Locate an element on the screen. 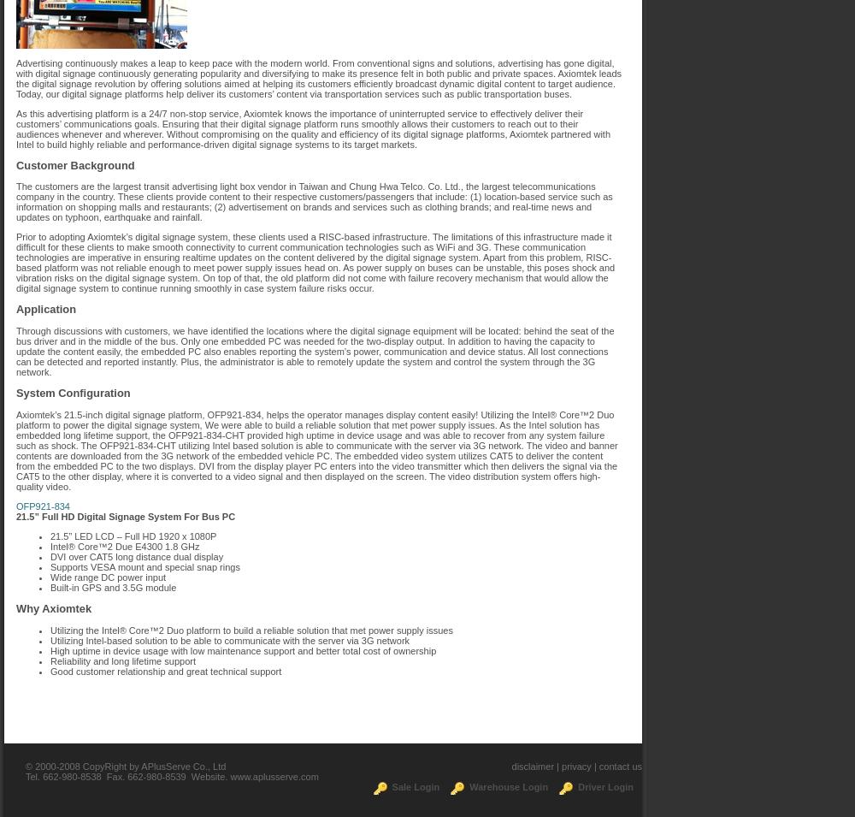  'Advertising continuously makes a leap to keep pace with the modern world. From conventional signs and solutions, advertising has gone digital, with digital signage continuously generating popularity and diversifying to make its presence felt in both public and private spaces. Axiomtek leads the digital signage revolution by offering solutions aimed at helping its customers efficiently broadcast dynamic digital content to target audience. Today, our digital signage platforms help deliver its customers’ content via transportation services such as public transportation buses.' is located at coordinates (16, 77).